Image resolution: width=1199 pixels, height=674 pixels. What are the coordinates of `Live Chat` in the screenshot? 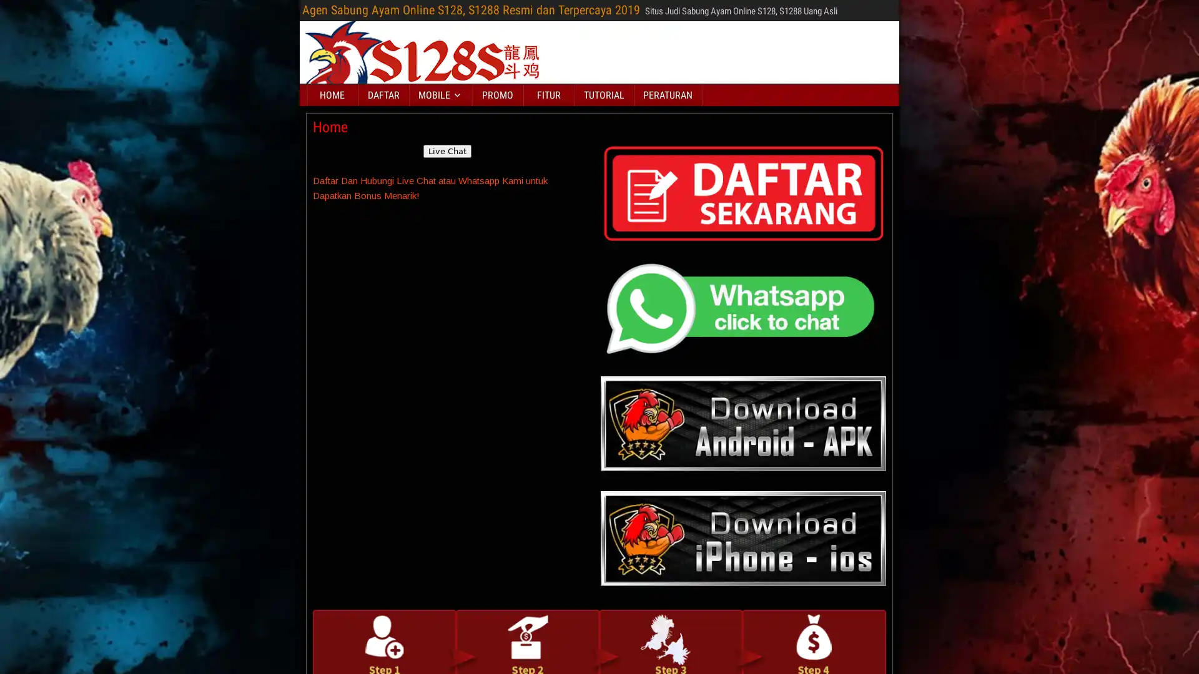 It's located at (447, 150).